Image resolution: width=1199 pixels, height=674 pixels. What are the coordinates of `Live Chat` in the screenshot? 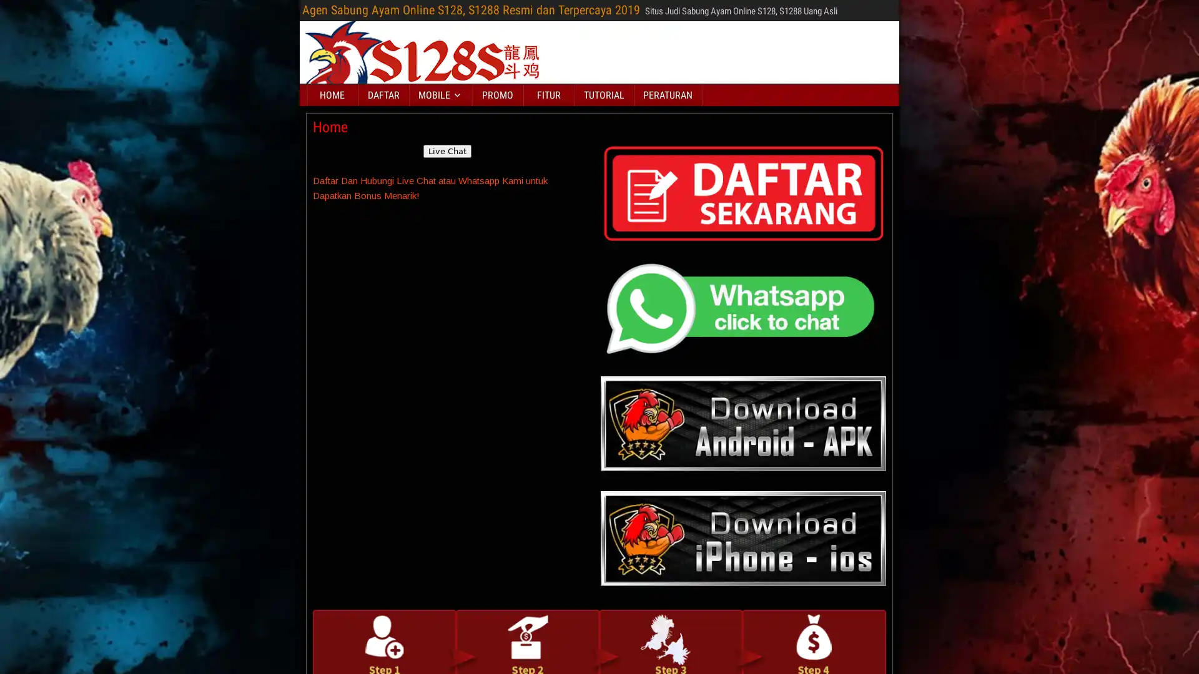 It's located at (447, 150).